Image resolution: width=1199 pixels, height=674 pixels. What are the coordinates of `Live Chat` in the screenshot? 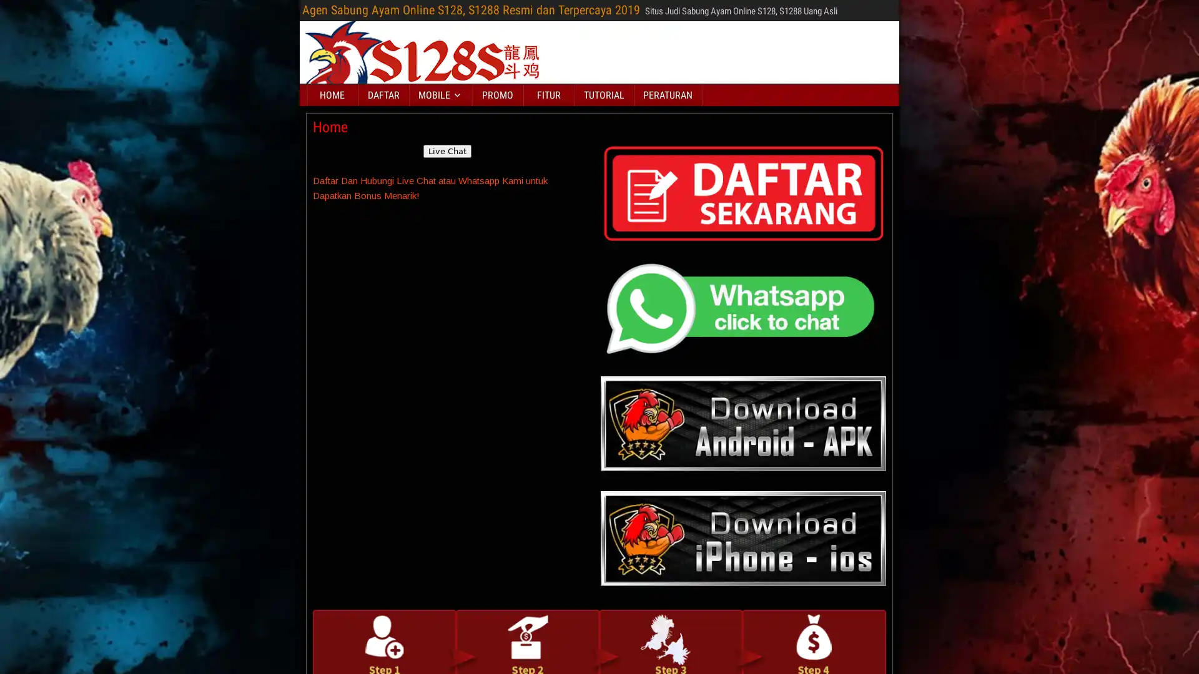 It's located at (447, 150).